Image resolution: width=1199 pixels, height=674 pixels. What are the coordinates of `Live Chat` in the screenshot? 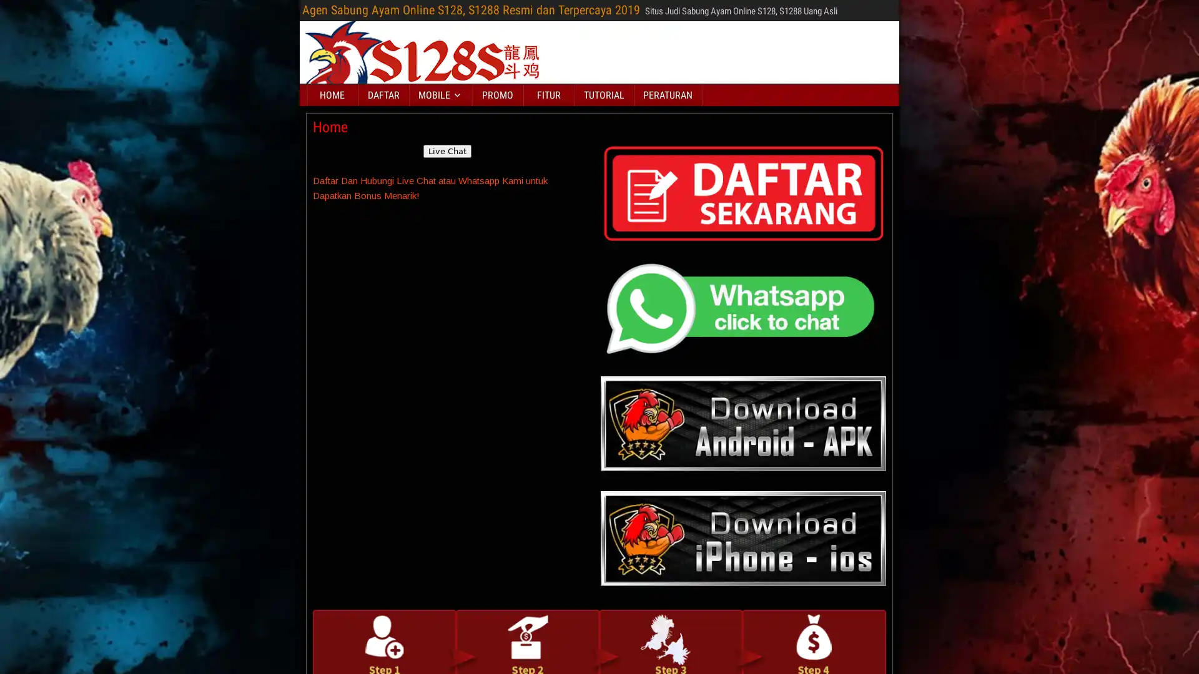 It's located at (447, 150).